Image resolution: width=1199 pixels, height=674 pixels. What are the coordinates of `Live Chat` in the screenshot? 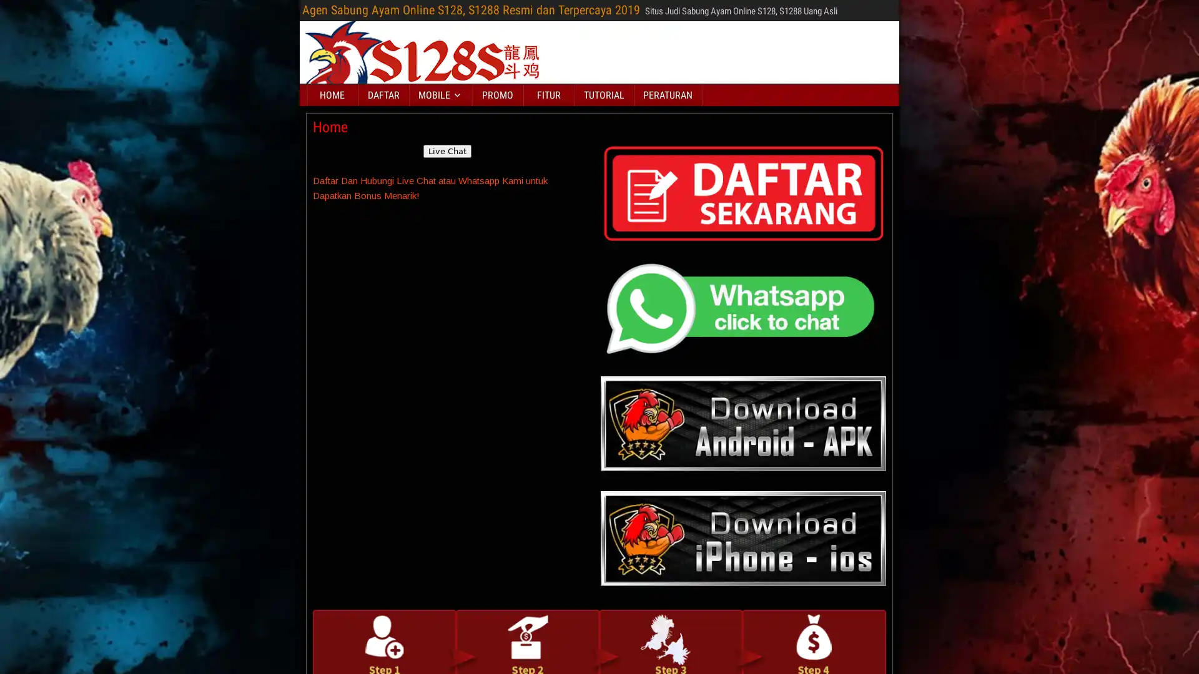 It's located at (447, 150).